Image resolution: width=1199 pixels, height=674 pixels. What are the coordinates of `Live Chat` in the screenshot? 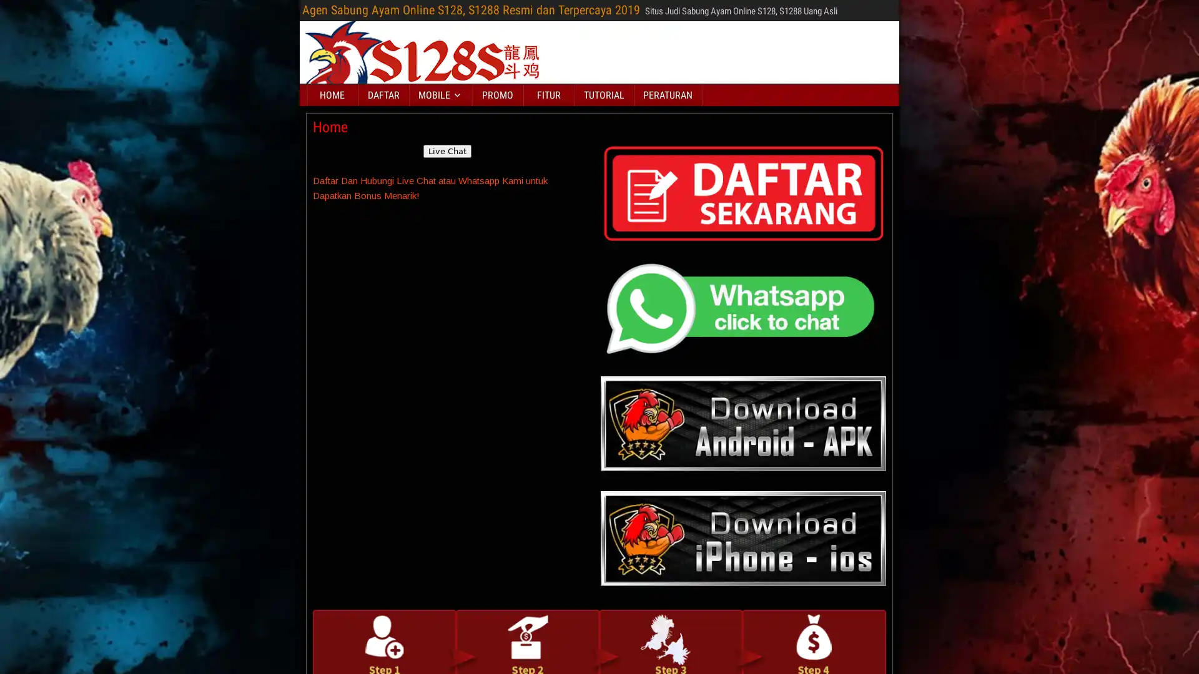 It's located at (447, 150).